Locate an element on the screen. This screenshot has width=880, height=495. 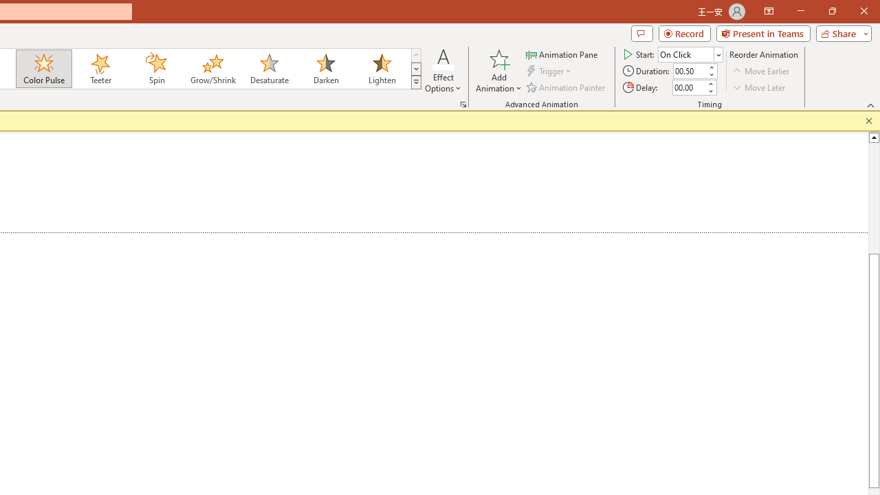
'Effect Options' is located at coordinates (443, 71).